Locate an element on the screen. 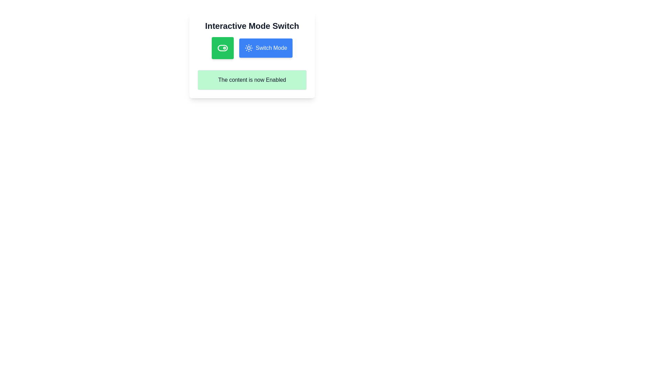 This screenshot has width=660, height=371. the Vector icon (toggle switch) which indicates the 'Enabled' or 'On' state, located within a green button-like structure below the title 'Interactive Mode Switch' is located at coordinates (222, 47).